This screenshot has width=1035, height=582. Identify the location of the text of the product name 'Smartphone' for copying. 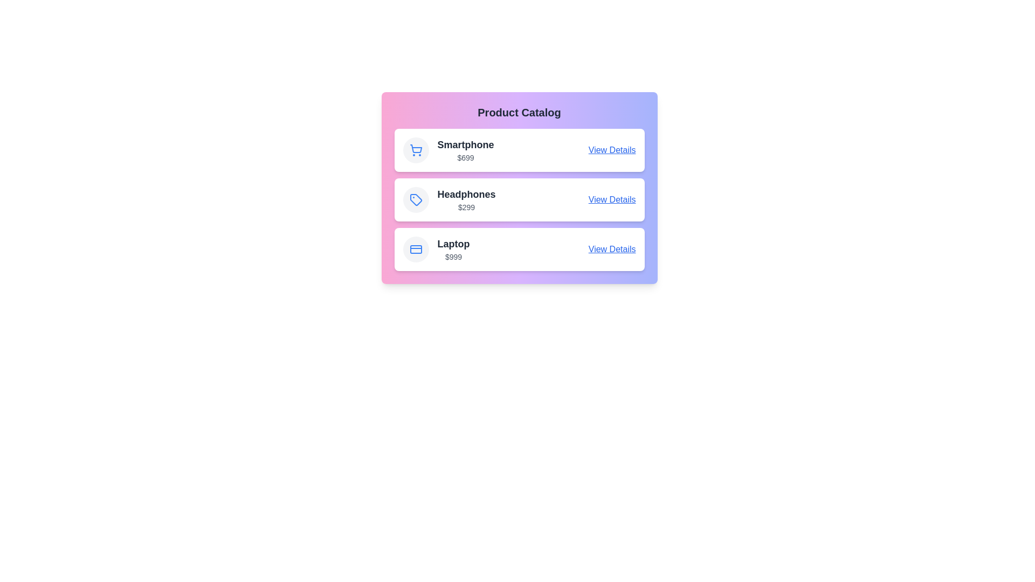
(466, 144).